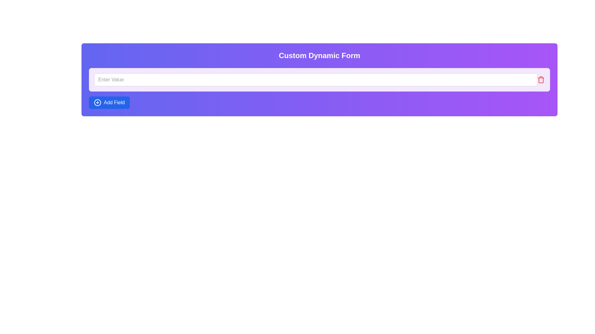 The height and width of the screenshot is (334, 595). Describe the element at coordinates (541, 79) in the screenshot. I see `the trash icon located at the far right of the text input field` at that location.